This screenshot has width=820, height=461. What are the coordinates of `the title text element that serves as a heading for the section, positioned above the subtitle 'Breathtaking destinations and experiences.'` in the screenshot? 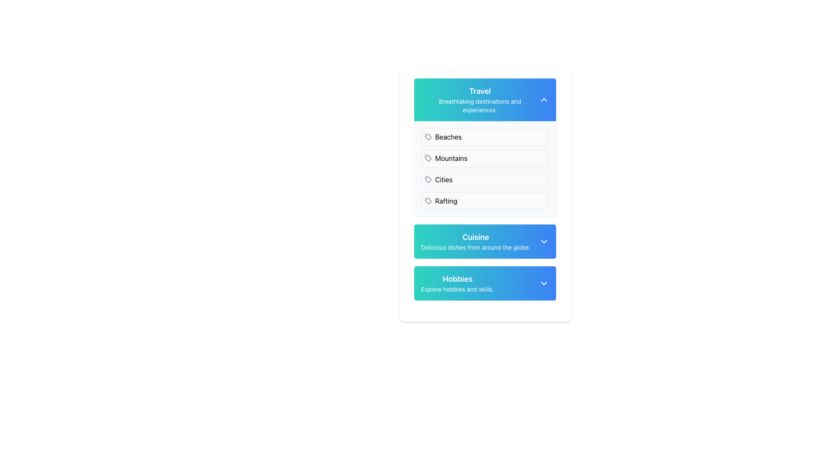 It's located at (480, 91).